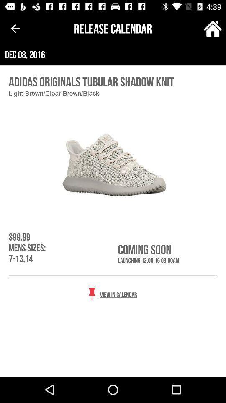 This screenshot has height=403, width=226. Describe the element at coordinates (213, 29) in the screenshot. I see `the icon above the dec 08, 2016` at that location.